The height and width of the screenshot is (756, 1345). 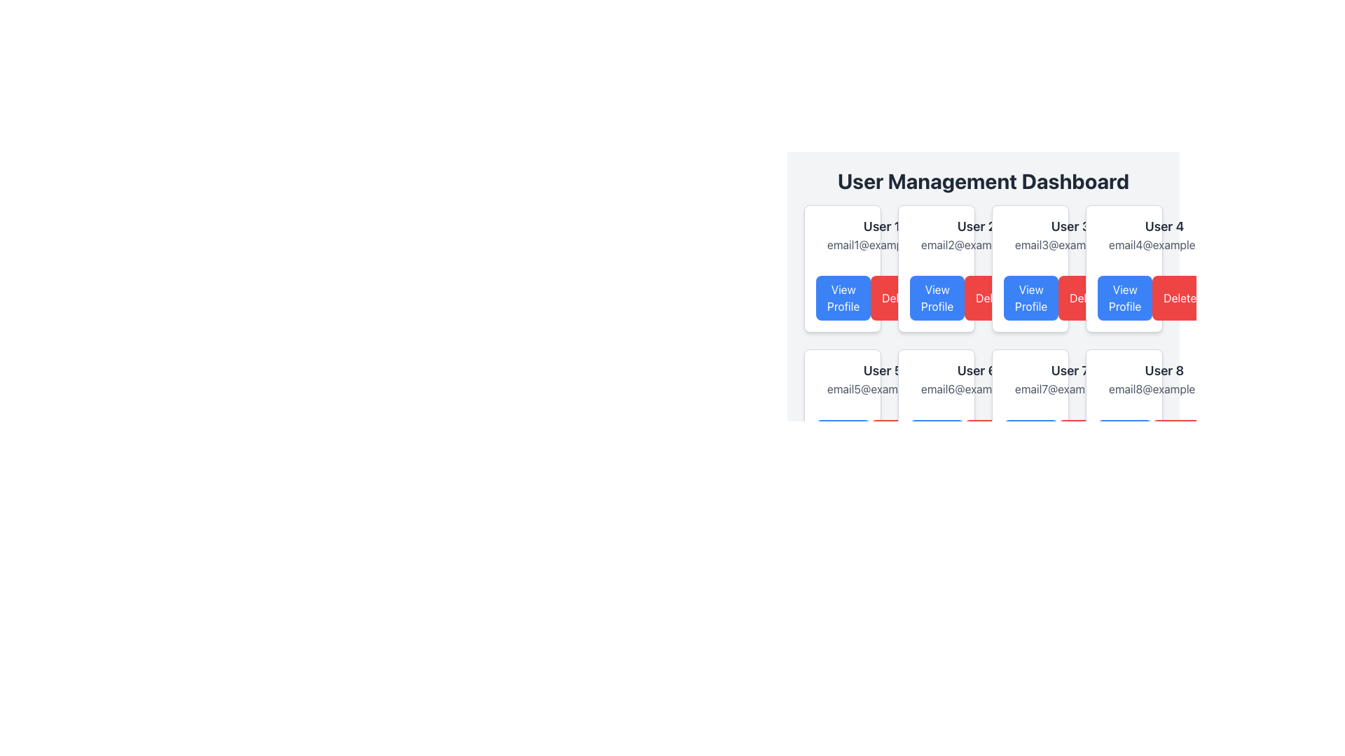 What do you see at coordinates (881, 234) in the screenshot?
I see `the Text Display element that shows 'User 1' in bold with the email 'email1@example.com' below it, located as the first entry in a horizontal list of user profiles` at bounding box center [881, 234].